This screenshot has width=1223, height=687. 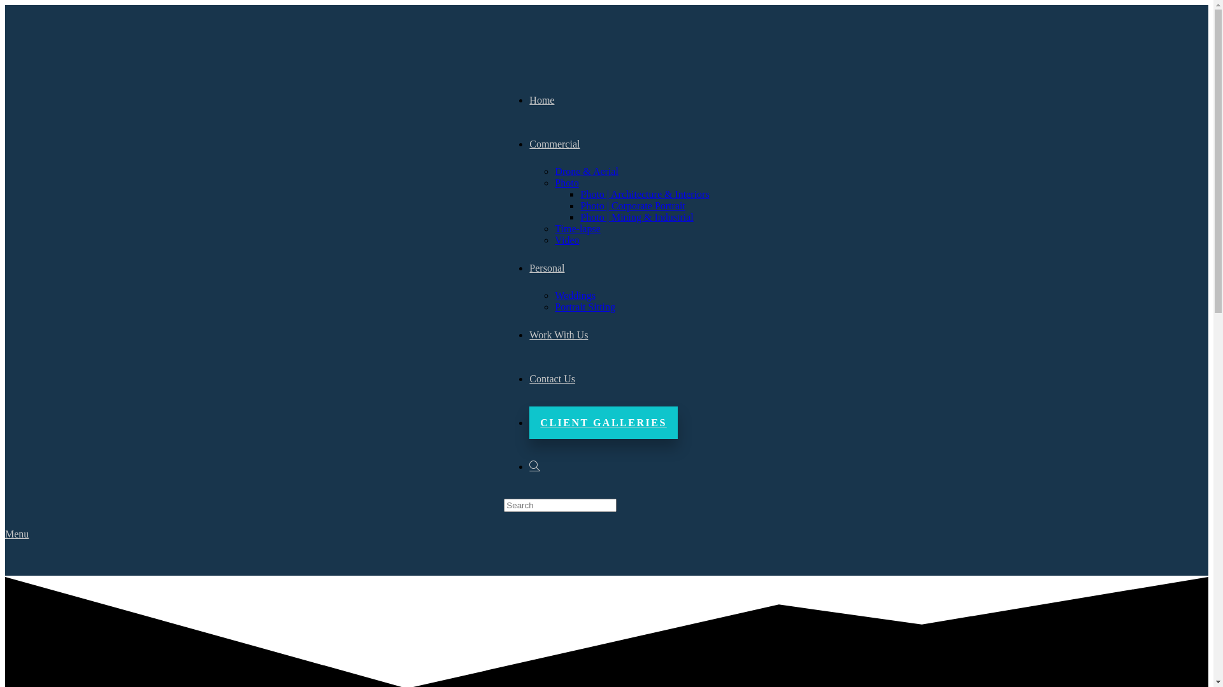 I want to click on 'Photo', so click(x=554, y=183).